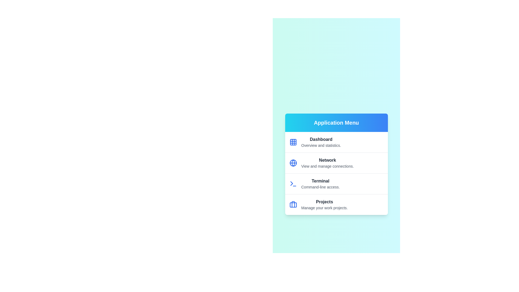 This screenshot has width=519, height=292. What do you see at coordinates (336, 162) in the screenshot?
I see `the menu item corresponding to Network` at bounding box center [336, 162].